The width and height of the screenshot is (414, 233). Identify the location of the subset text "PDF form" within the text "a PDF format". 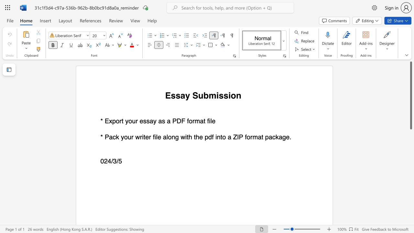
(172, 121).